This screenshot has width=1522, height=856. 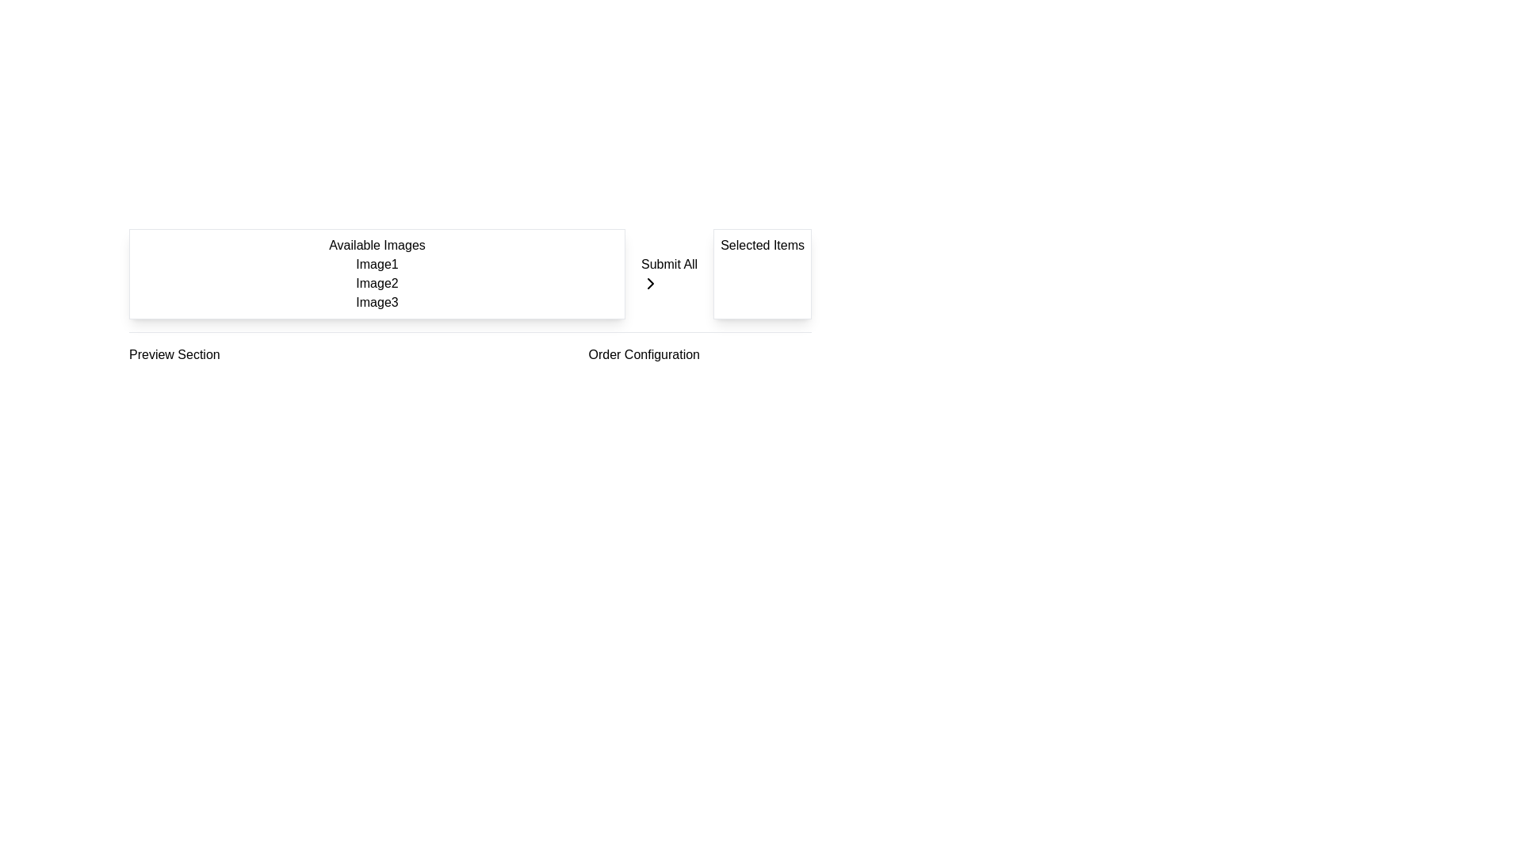 I want to click on the image named Image2 in the 'Available Images' list, so click(x=376, y=283).